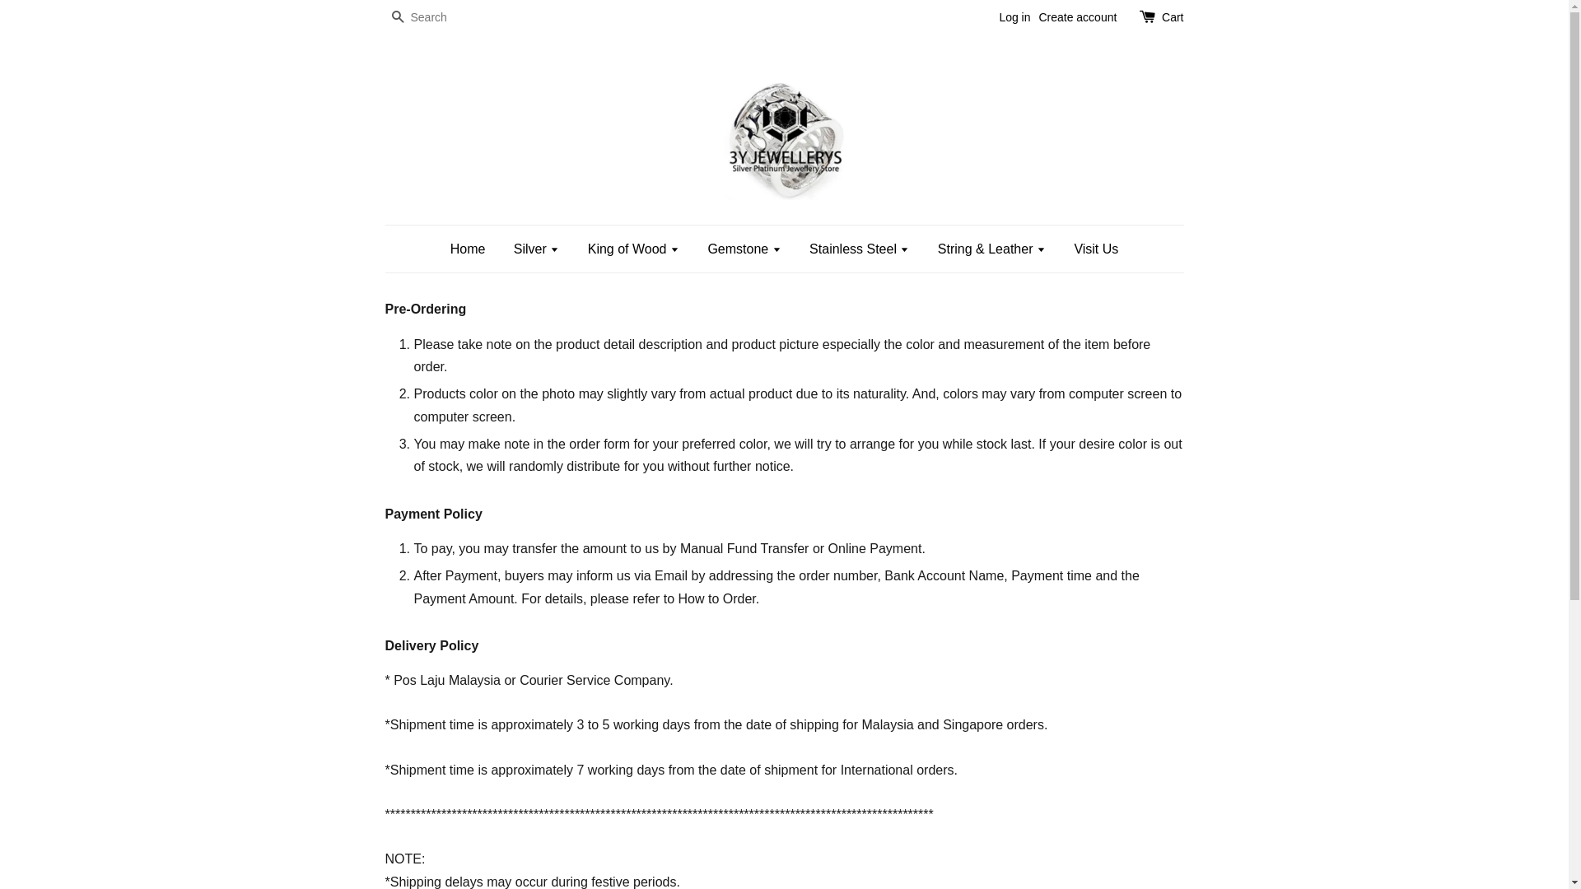 The image size is (1581, 889). Describe the element at coordinates (398, 18) in the screenshot. I see `'Search'` at that location.